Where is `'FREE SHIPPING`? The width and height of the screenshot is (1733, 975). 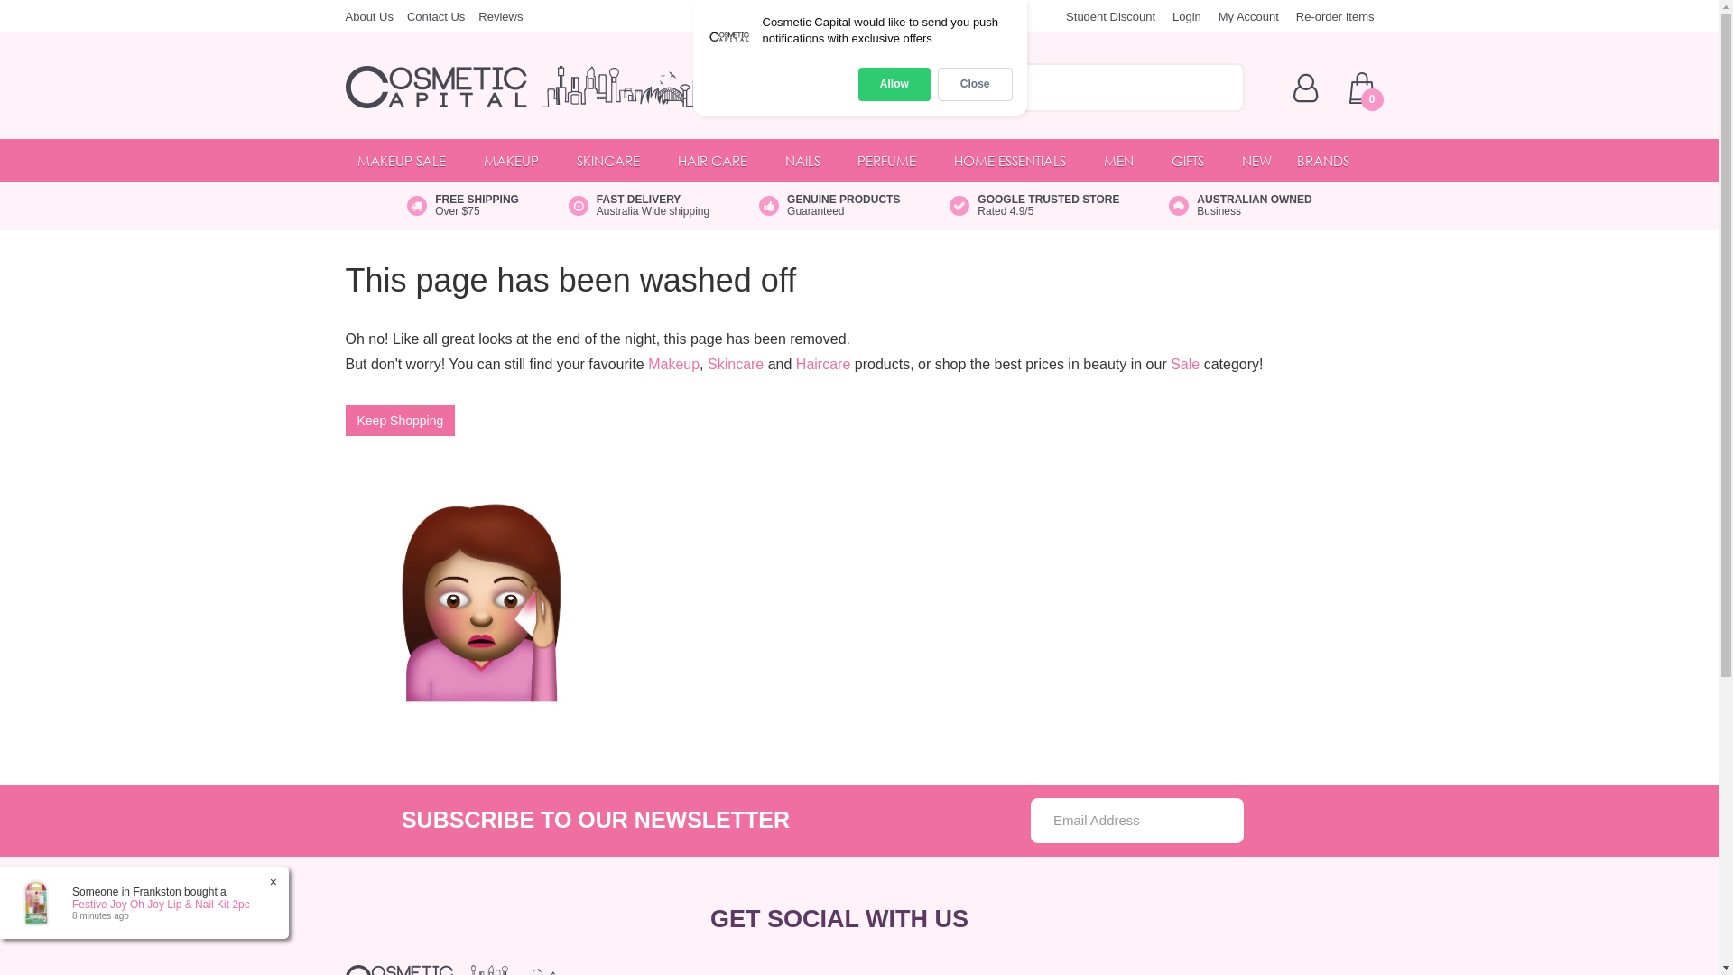 'FREE SHIPPING is located at coordinates (463, 204).